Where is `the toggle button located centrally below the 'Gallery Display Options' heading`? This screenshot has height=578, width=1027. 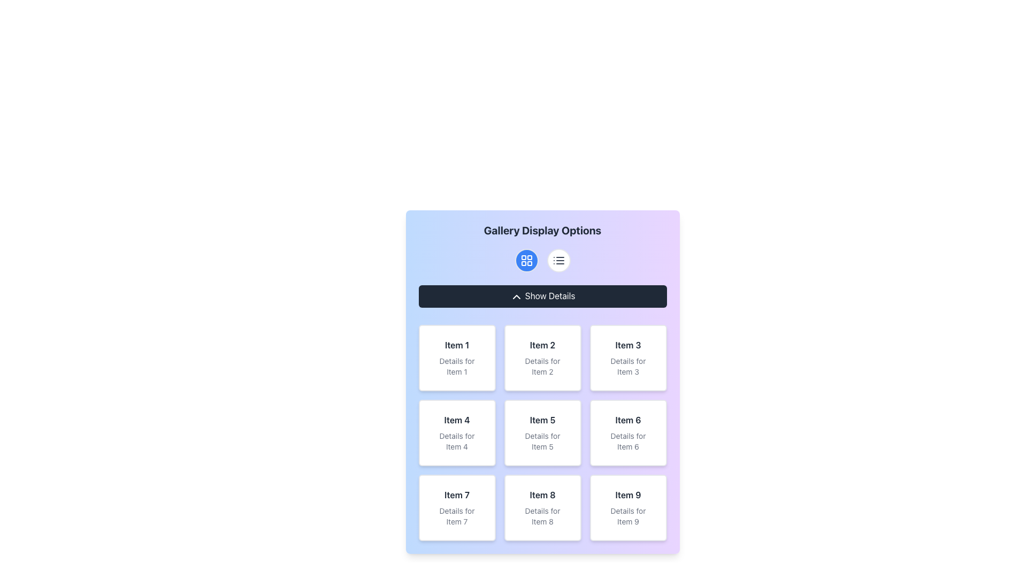 the toggle button located centrally below the 'Gallery Display Options' heading is located at coordinates (542, 296).